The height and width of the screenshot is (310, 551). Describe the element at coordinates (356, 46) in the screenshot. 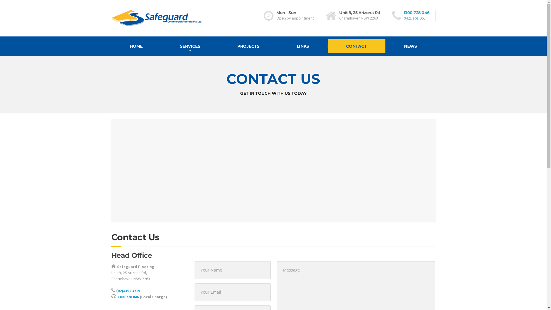

I see `'CONTACT'` at that location.